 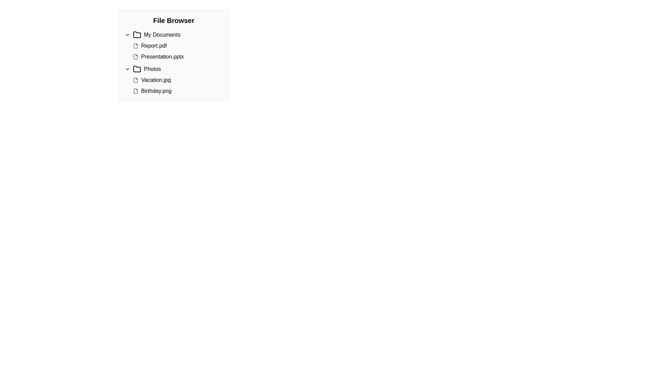 I want to click on the file icon representing 'Birthday.png' by interacting with the SVG graphic styled as a sheet of paper, located in the 'Photos' section of the 'File Browser', so click(x=135, y=91).